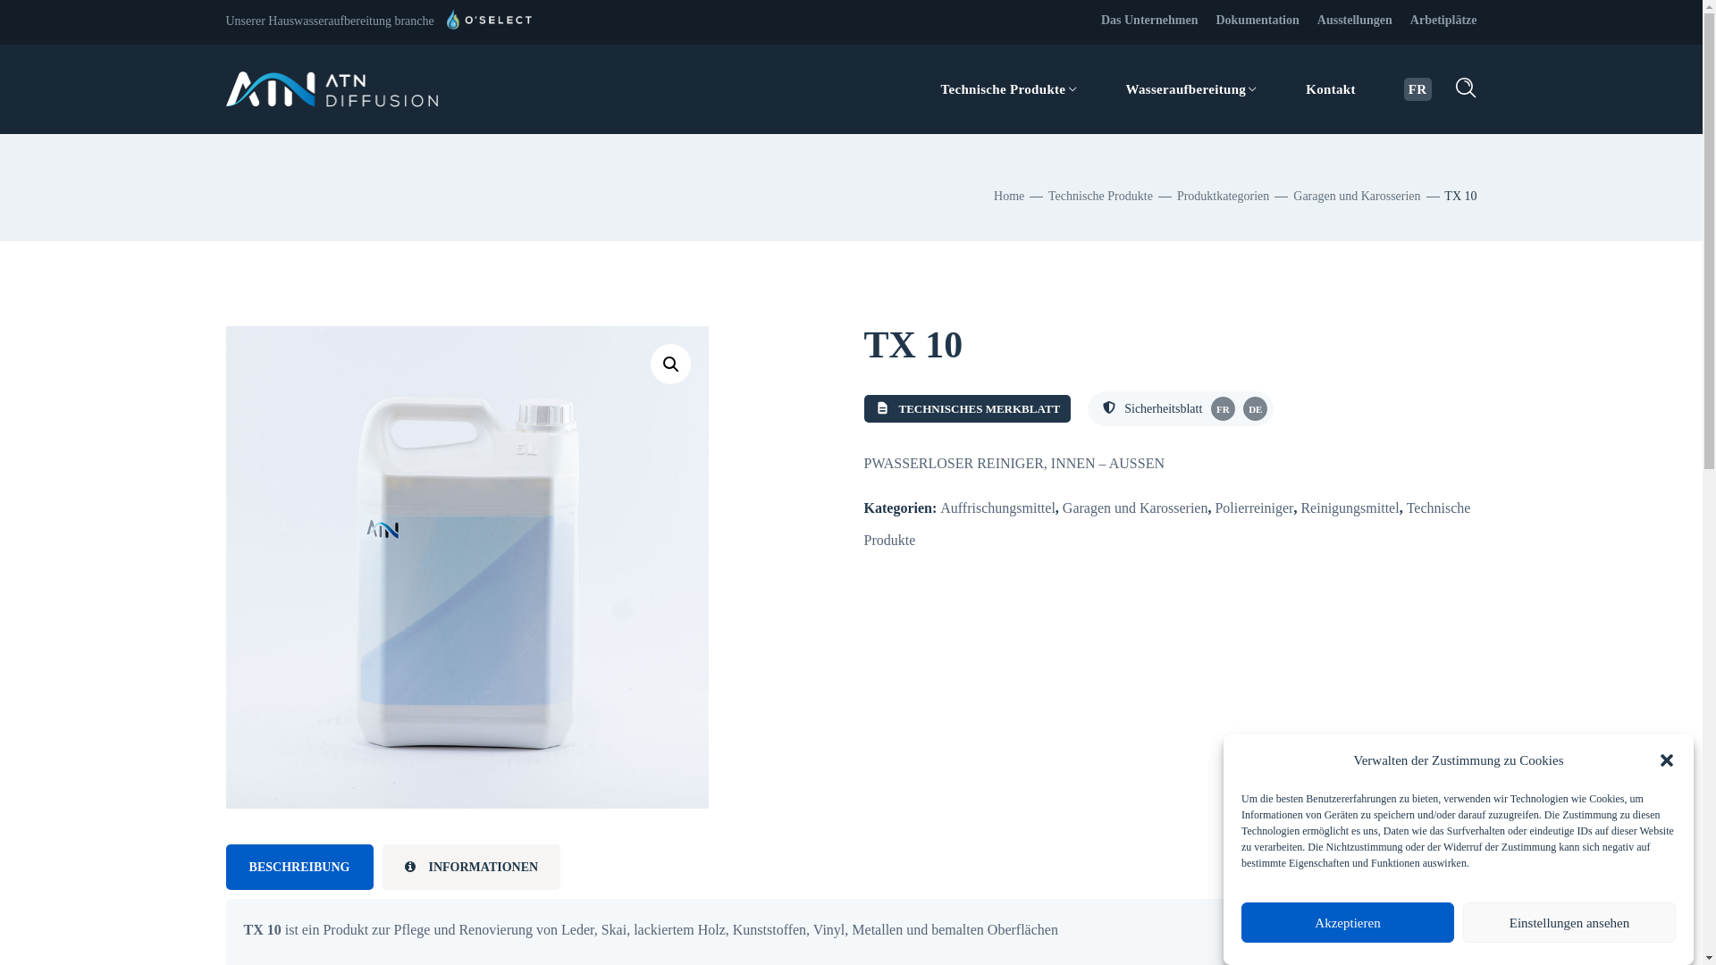 This screenshot has width=1716, height=965. What do you see at coordinates (1099, 196) in the screenshot?
I see `'Technische Produkte'` at bounding box center [1099, 196].